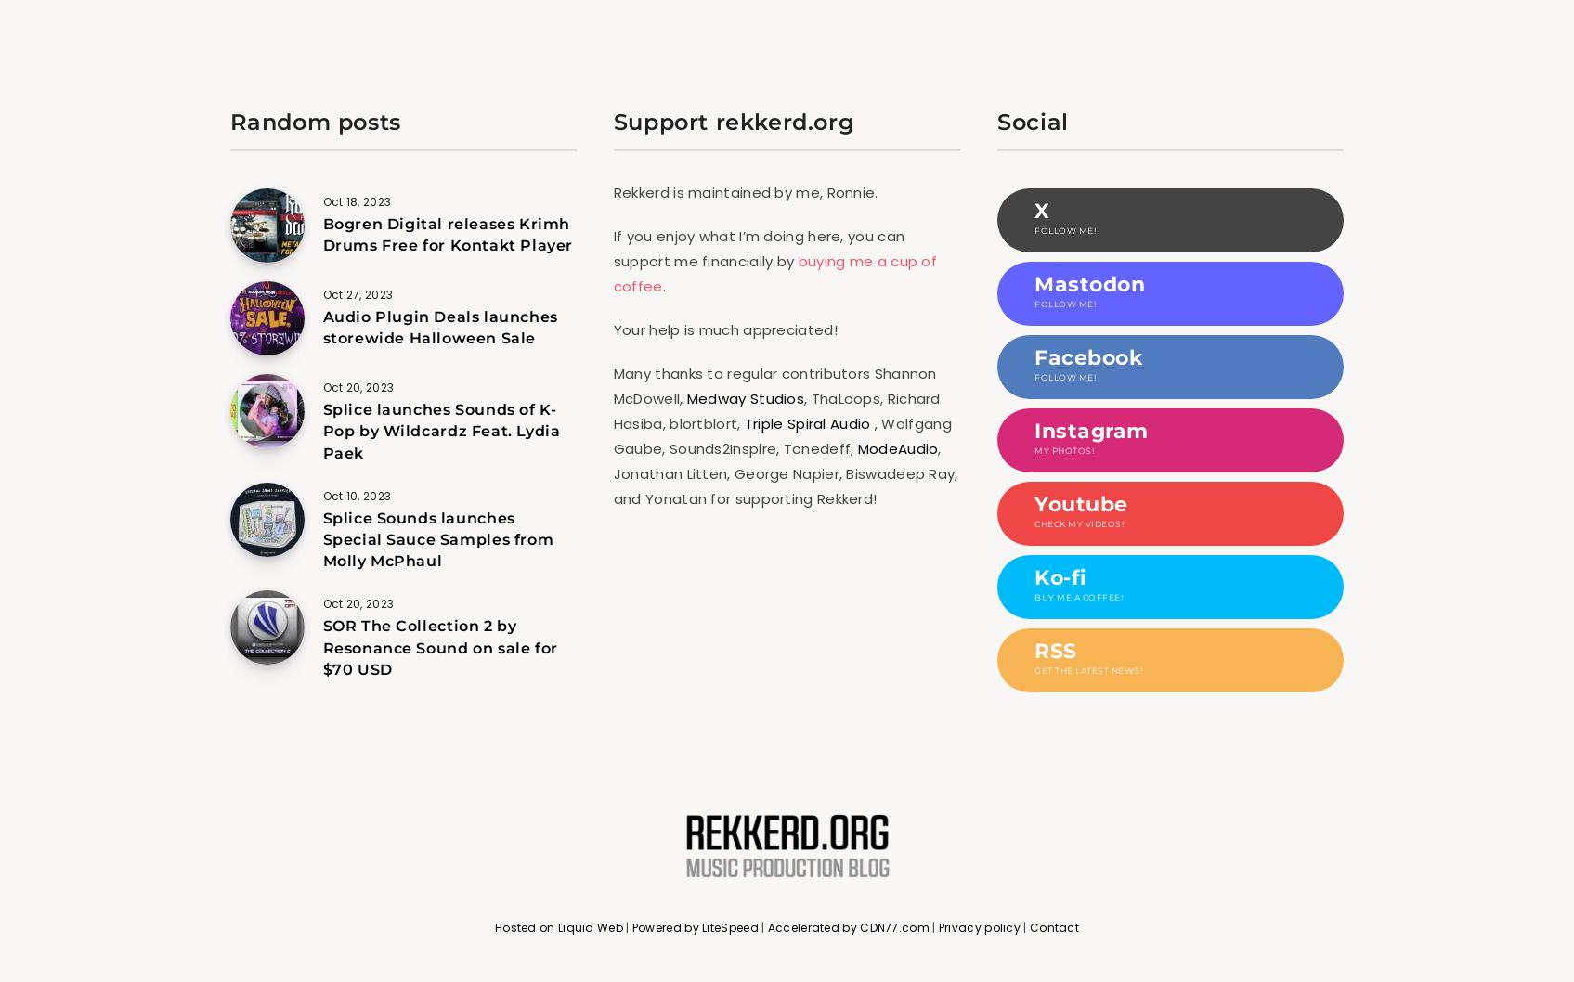 The height and width of the screenshot is (982, 1574). What do you see at coordinates (1033, 523) in the screenshot?
I see `'Check my videos!'` at bounding box center [1033, 523].